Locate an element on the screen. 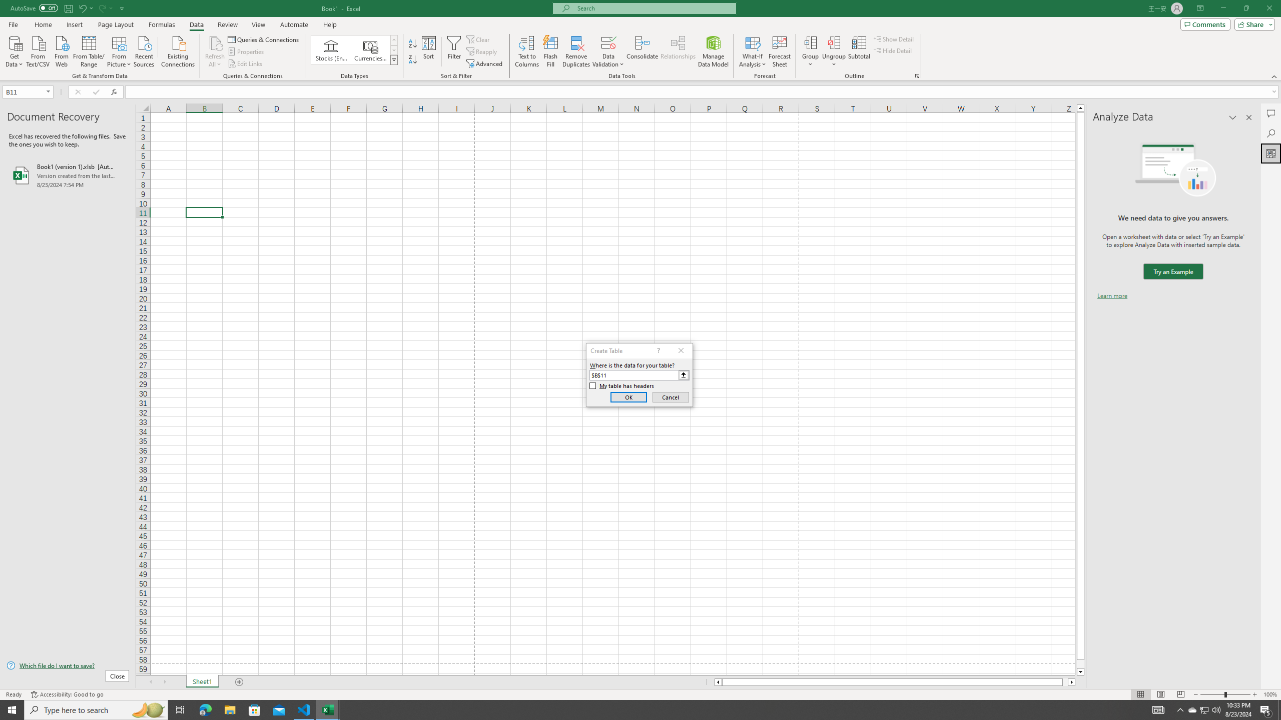 The height and width of the screenshot is (720, 1281). 'Consolidate...' is located at coordinates (642, 51).